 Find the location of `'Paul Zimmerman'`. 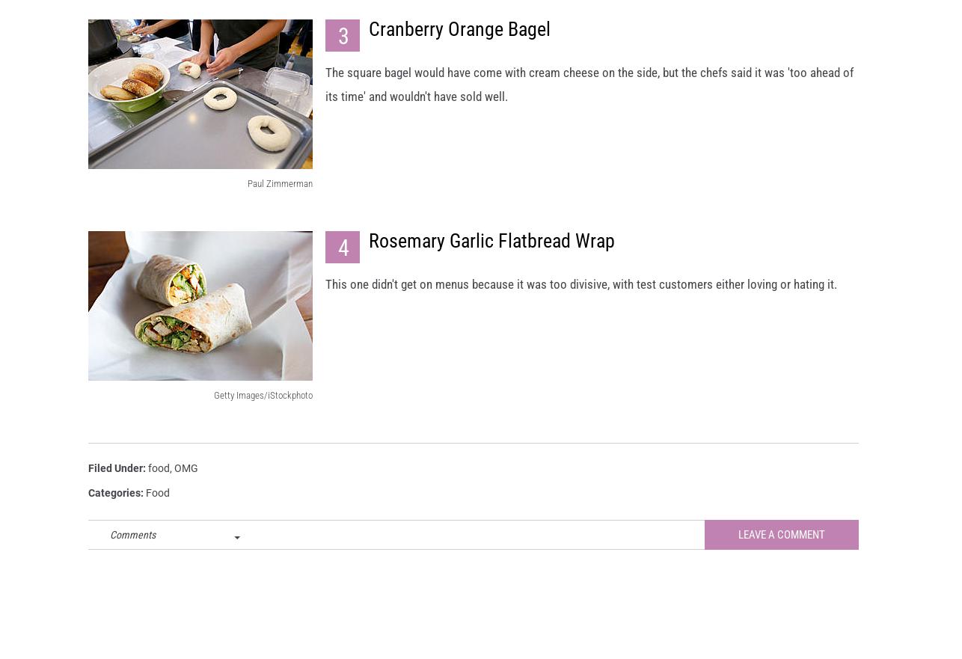

'Paul Zimmerman' is located at coordinates (279, 197).